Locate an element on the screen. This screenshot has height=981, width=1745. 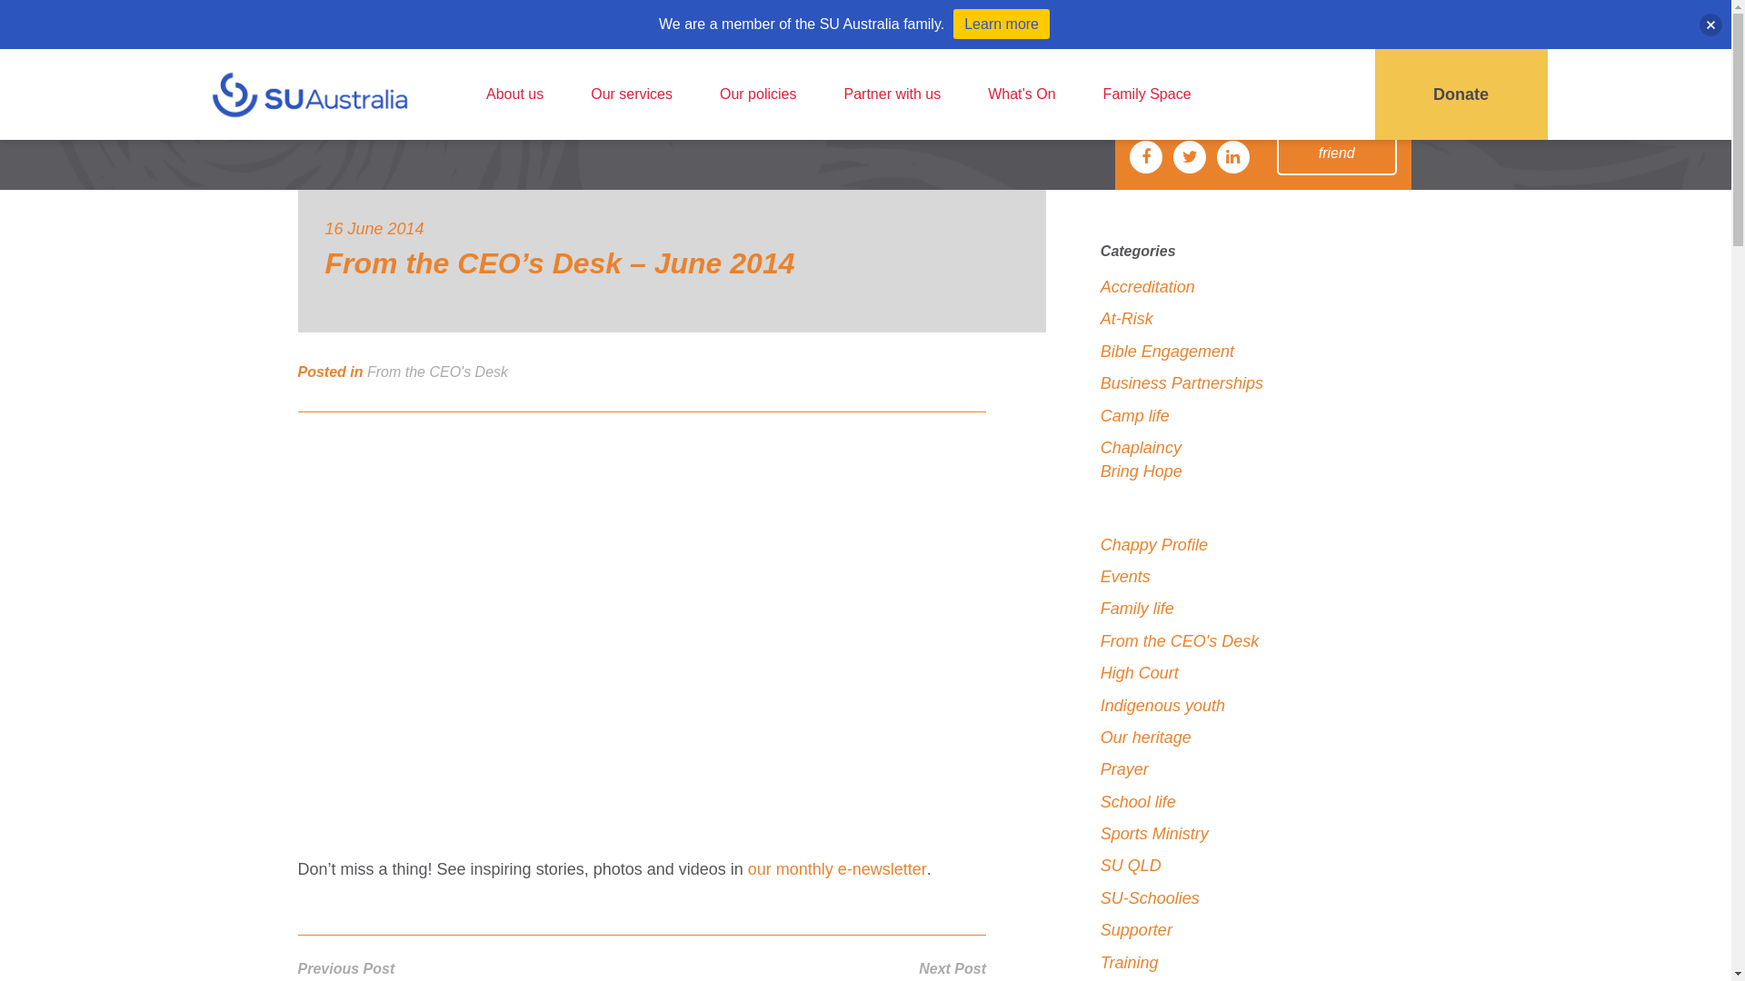
'Learn more' is located at coordinates (1001, 24).